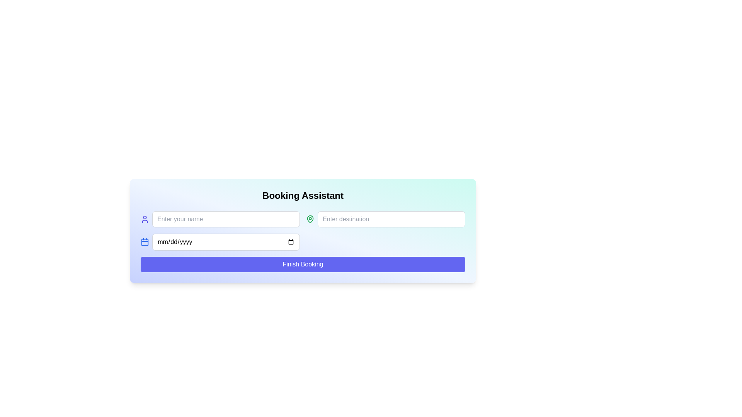 Image resolution: width=742 pixels, height=417 pixels. What do you see at coordinates (145, 242) in the screenshot?
I see `the rounded rectangle element inside the calendar SVG icon, which is centrally aligned within the calendar graphic` at bounding box center [145, 242].